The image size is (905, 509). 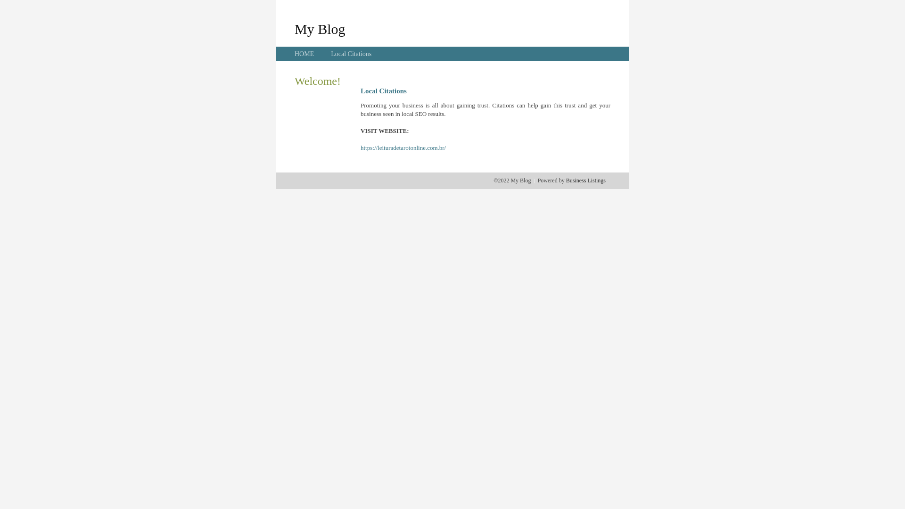 What do you see at coordinates (320, 28) in the screenshot?
I see `'My Blog'` at bounding box center [320, 28].